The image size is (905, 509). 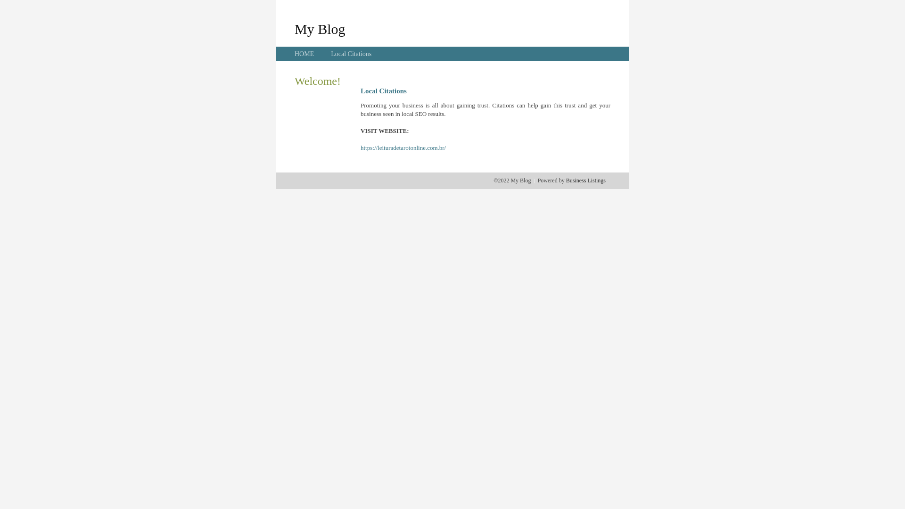 What do you see at coordinates (320, 28) in the screenshot?
I see `'My Blog'` at bounding box center [320, 28].